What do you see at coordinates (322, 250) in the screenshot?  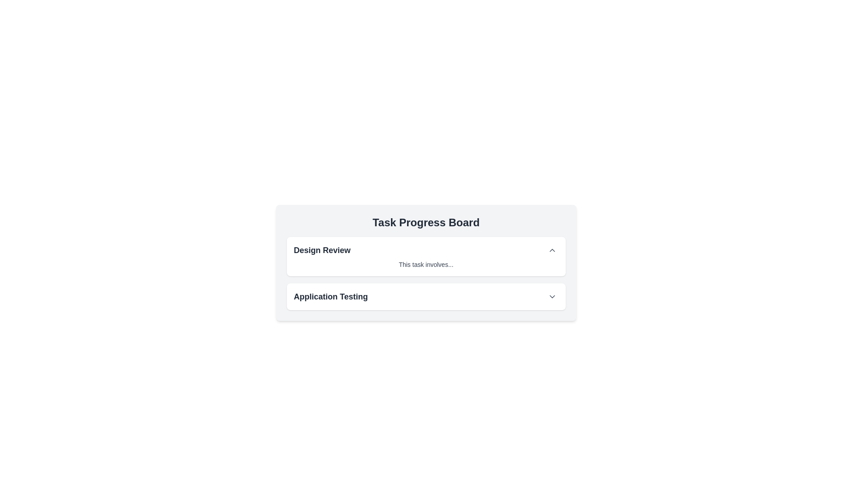 I see `the 'Design Review' text label located in the top left area of the card` at bounding box center [322, 250].